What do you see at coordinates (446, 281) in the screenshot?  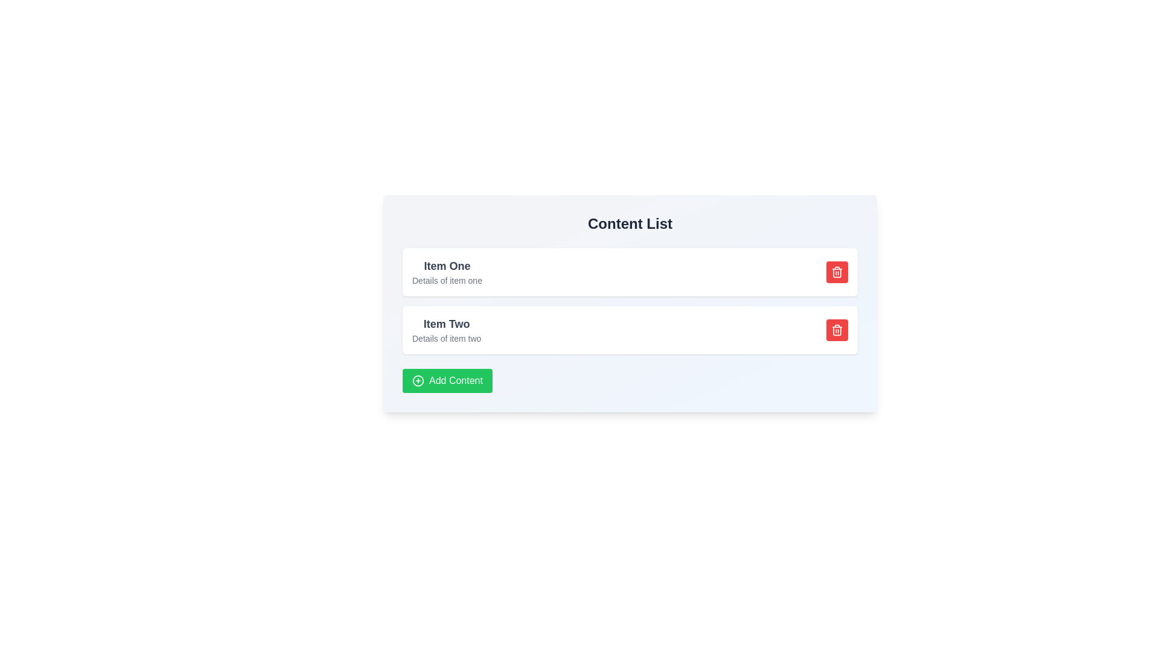 I see `the text snippet reading 'Details of item one', which is styled in a smaller font size and light gray color, located directly below the 'Item One' title text` at bounding box center [446, 281].